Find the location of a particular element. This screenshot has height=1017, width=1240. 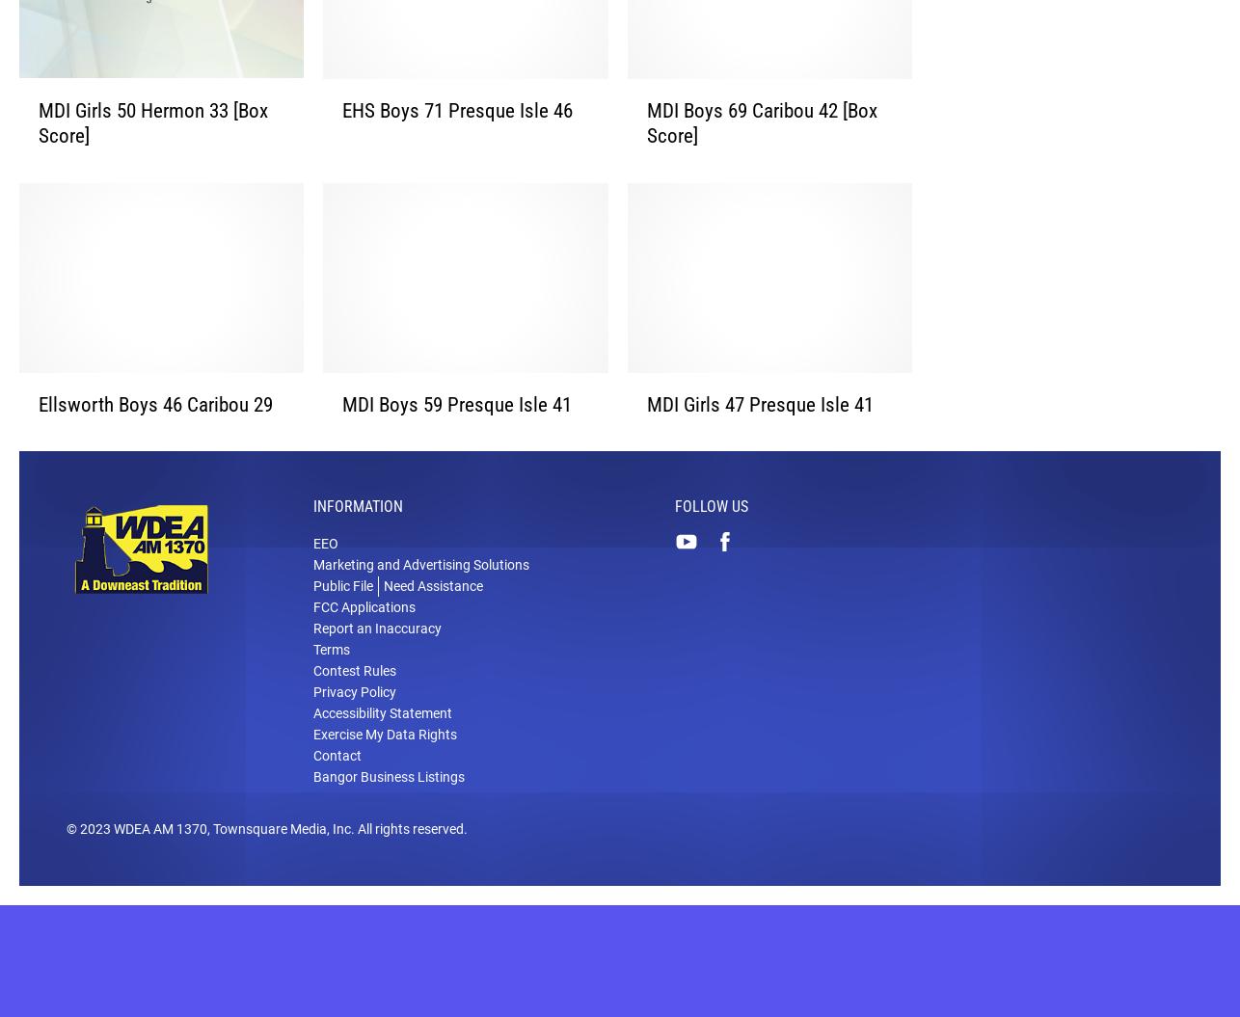

'MDI Girls 47 Presque Isle 41' is located at coordinates (759, 434).